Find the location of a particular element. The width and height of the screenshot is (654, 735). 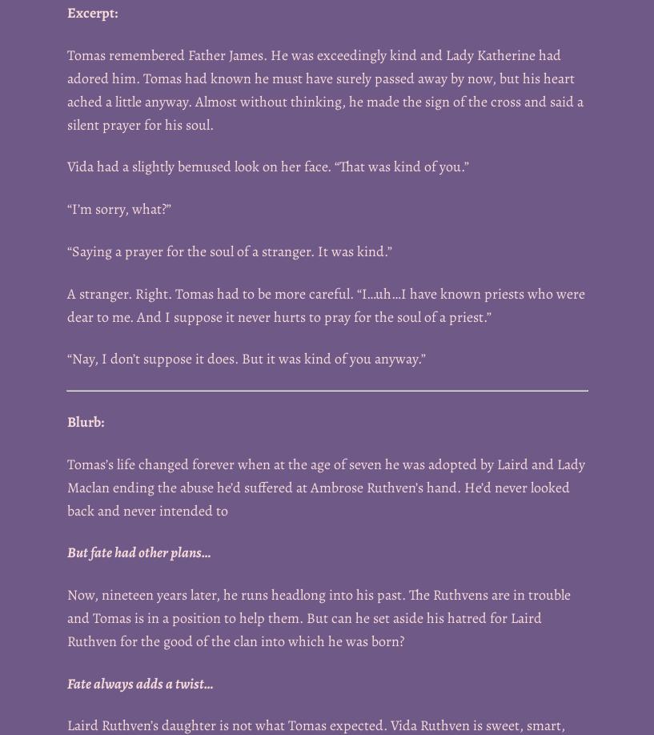

'“I’m sorry, what?”' is located at coordinates (118, 207).